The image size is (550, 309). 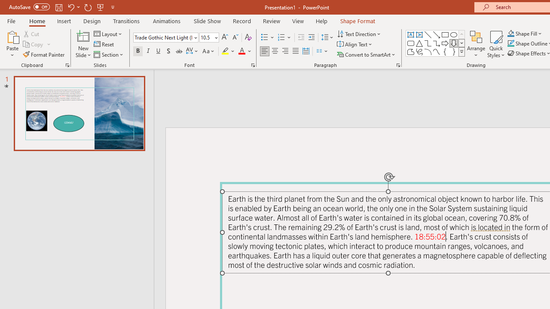 What do you see at coordinates (437, 34) in the screenshot?
I see `'Line Arrow'` at bounding box center [437, 34].